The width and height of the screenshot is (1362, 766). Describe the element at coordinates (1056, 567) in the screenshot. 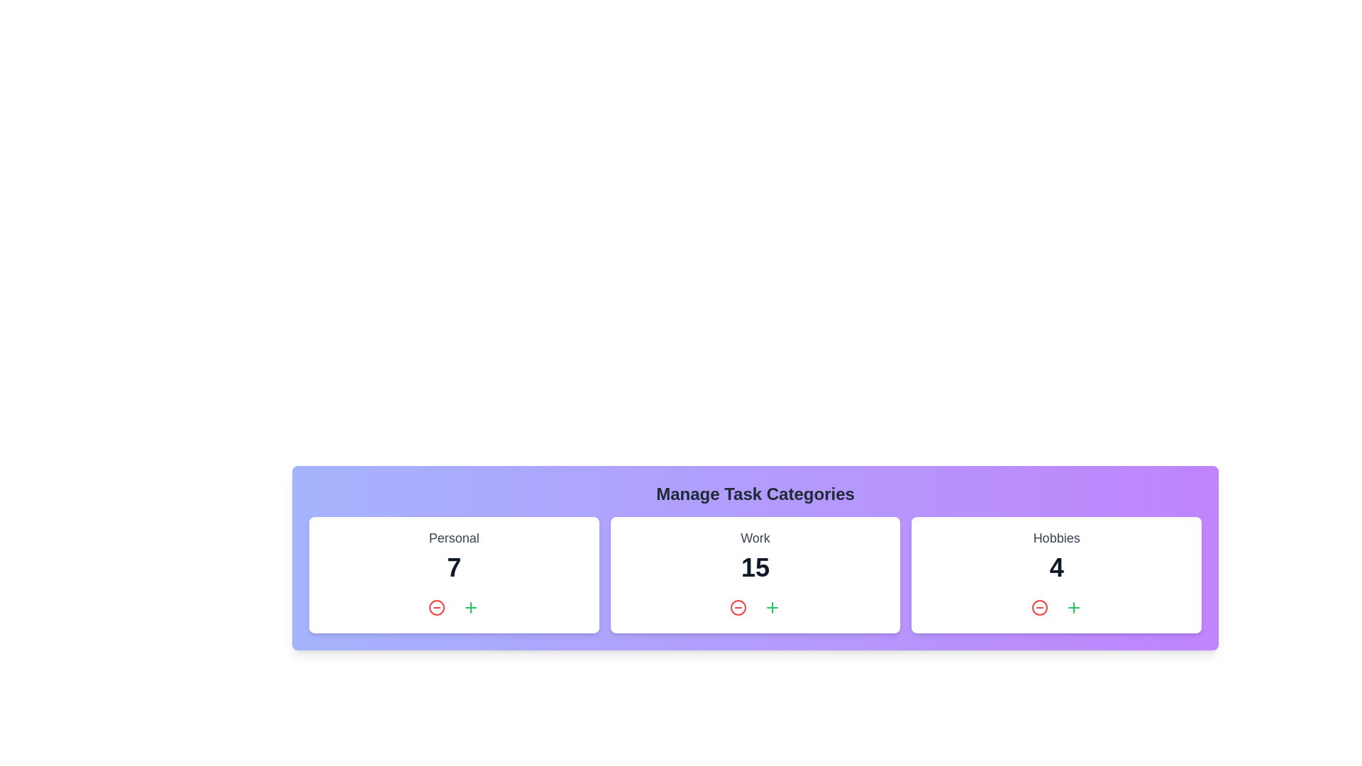

I see `the task count '4' of the 'Hobbies' category` at that location.